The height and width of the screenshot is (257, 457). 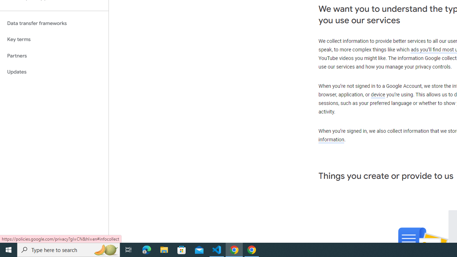 I want to click on 'Partners', so click(x=54, y=55).